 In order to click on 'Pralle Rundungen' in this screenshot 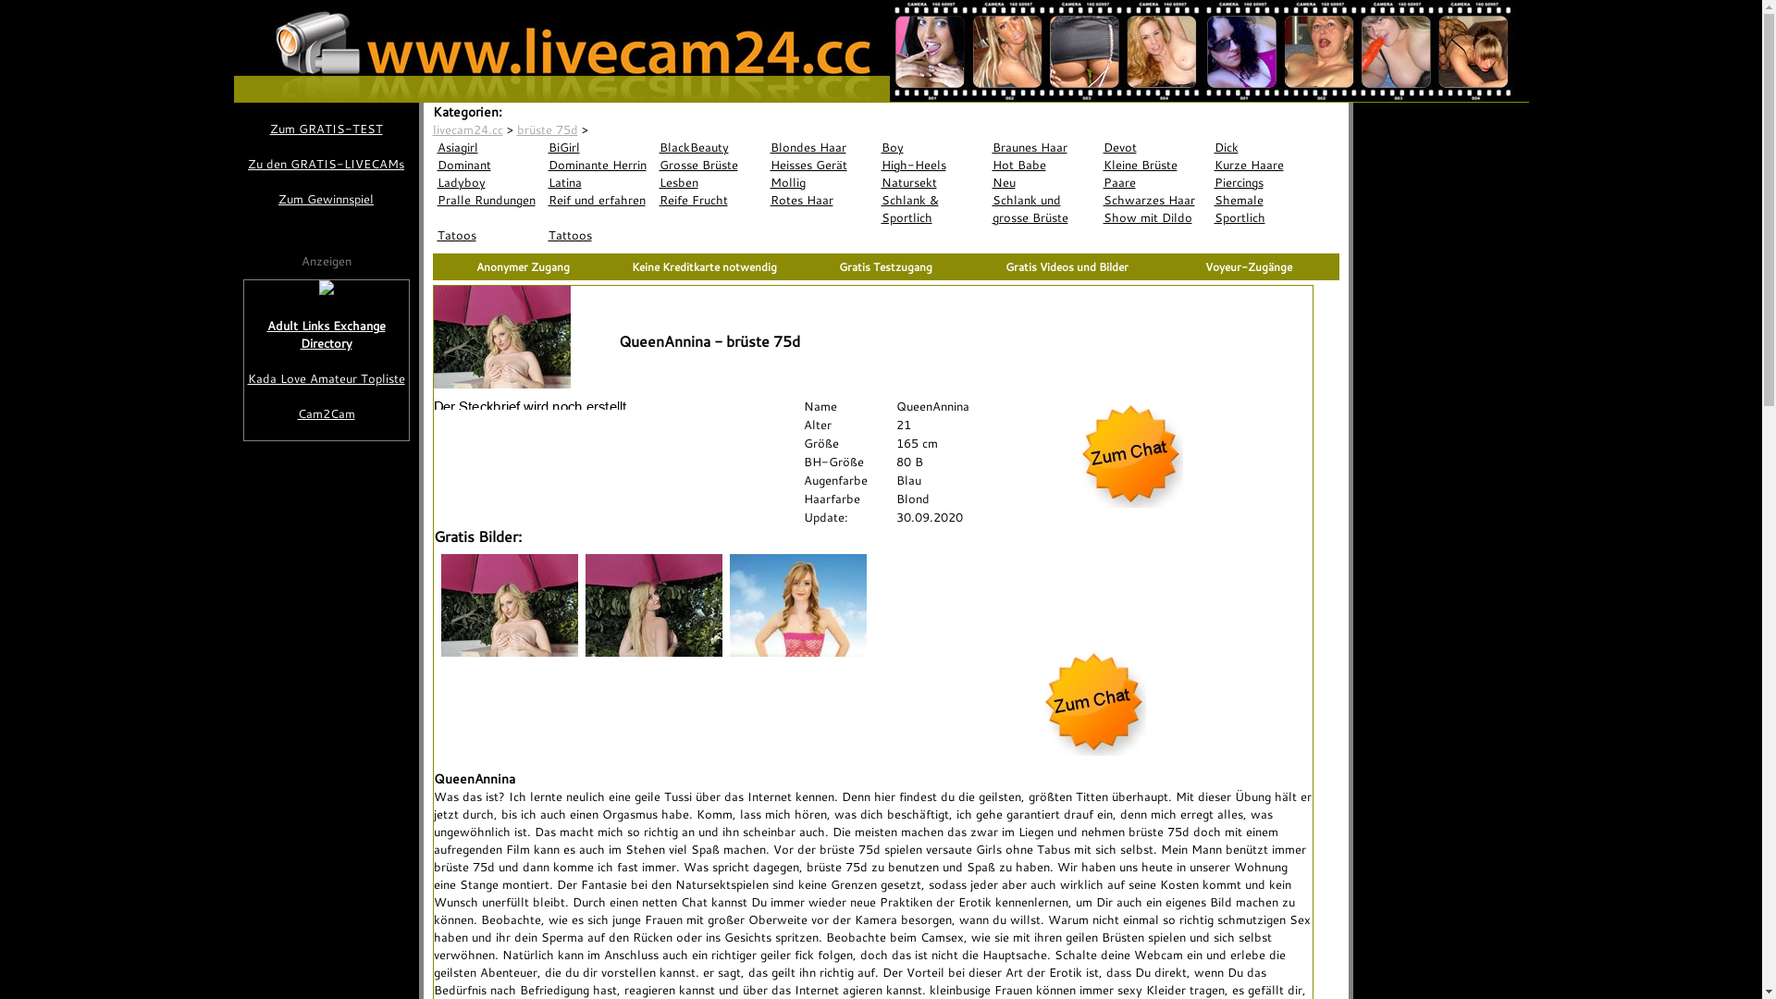, I will do `click(488, 200)`.